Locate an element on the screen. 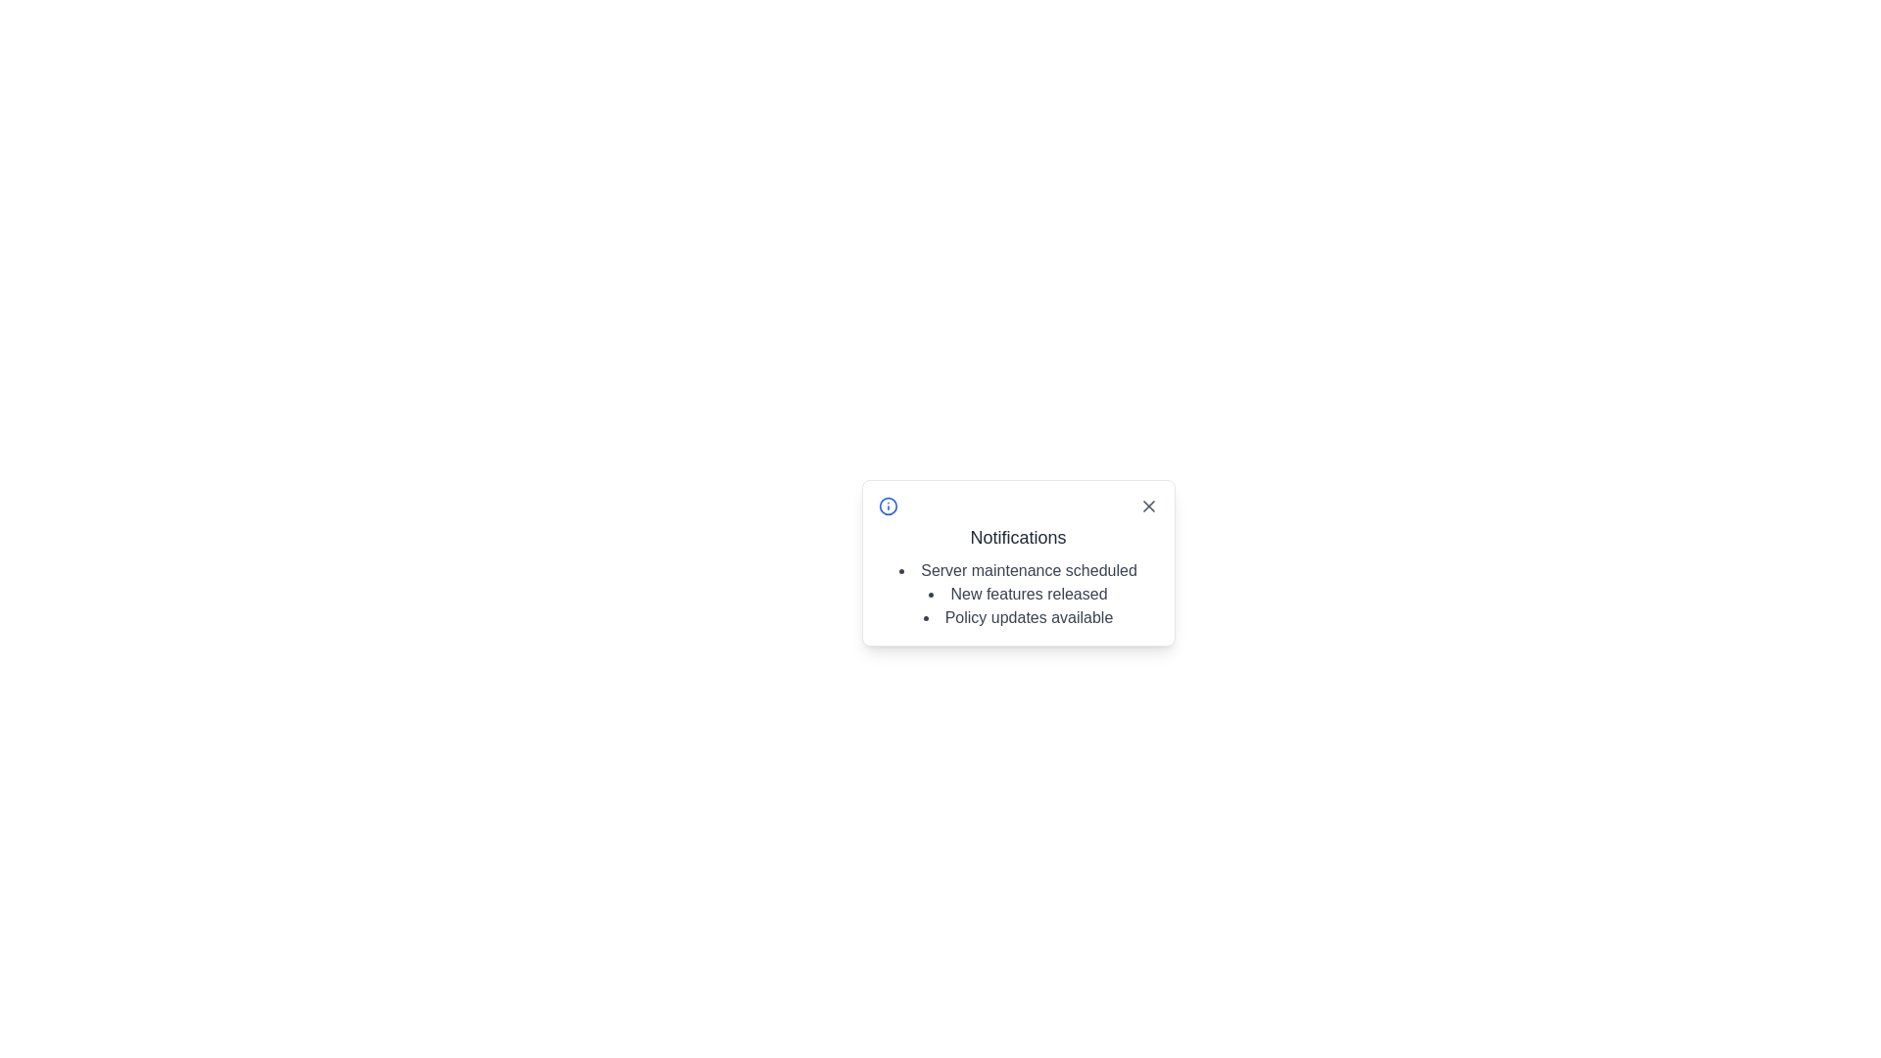 The height and width of the screenshot is (1058, 1881). the first item in the bulleted list of the 'Notifications' pop-up panel which provides information about a scheduled server maintenance event is located at coordinates (1018, 570).